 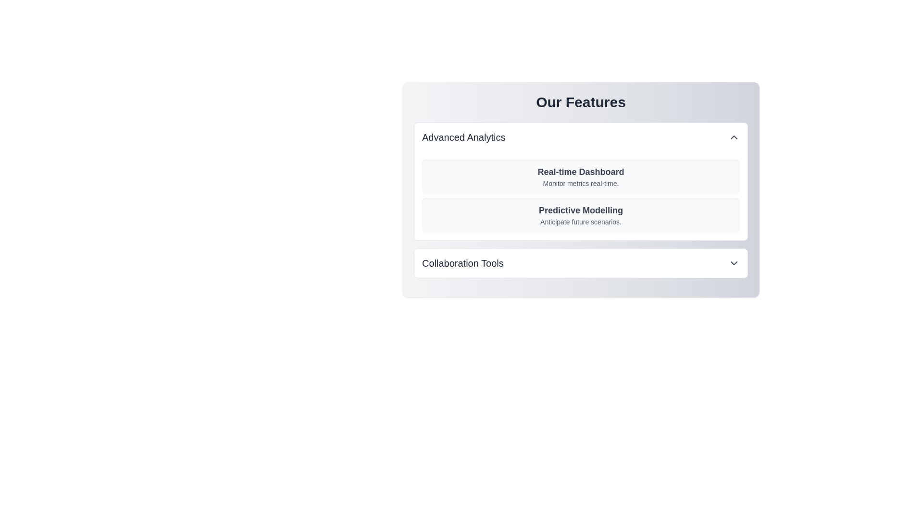 I want to click on the text label that displays 'Real-time Dashboard', which is a prominently styled gray text label located within the 'Advanced Analytics' section, so click(x=580, y=172).